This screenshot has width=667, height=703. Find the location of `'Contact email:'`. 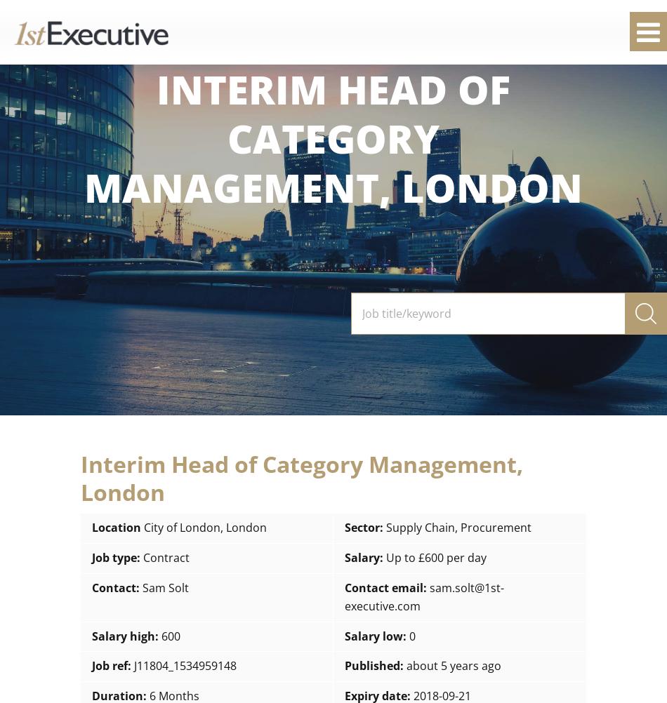

'Contact email:' is located at coordinates (385, 587).